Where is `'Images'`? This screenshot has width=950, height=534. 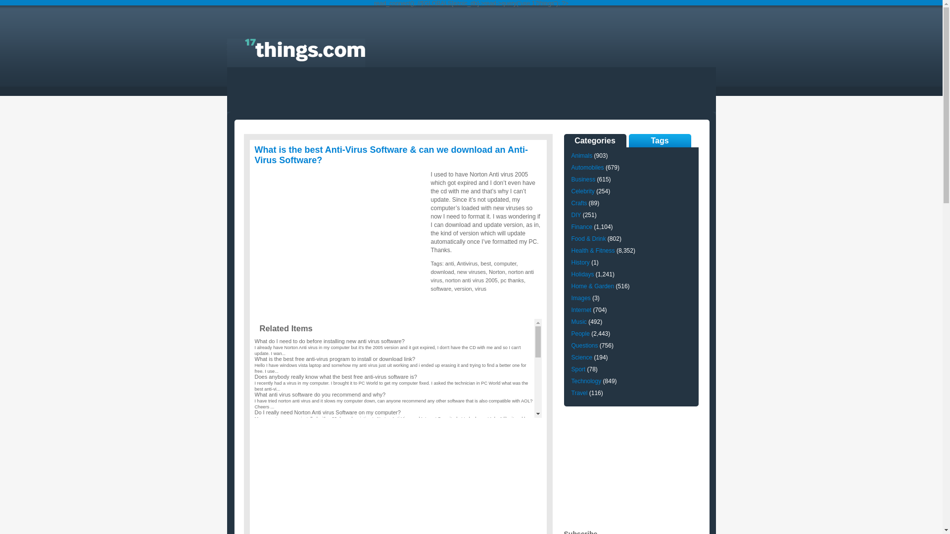
'Images' is located at coordinates (580, 297).